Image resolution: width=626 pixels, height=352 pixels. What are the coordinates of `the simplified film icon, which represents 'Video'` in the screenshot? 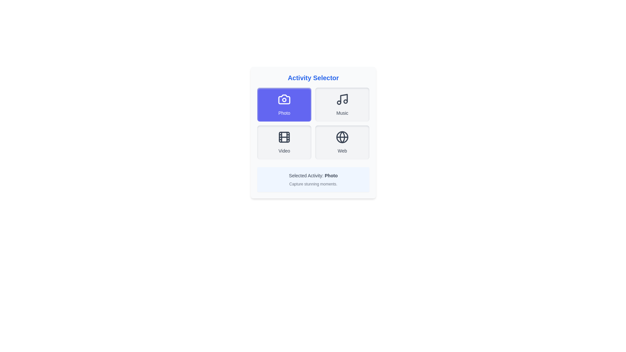 It's located at (284, 137).